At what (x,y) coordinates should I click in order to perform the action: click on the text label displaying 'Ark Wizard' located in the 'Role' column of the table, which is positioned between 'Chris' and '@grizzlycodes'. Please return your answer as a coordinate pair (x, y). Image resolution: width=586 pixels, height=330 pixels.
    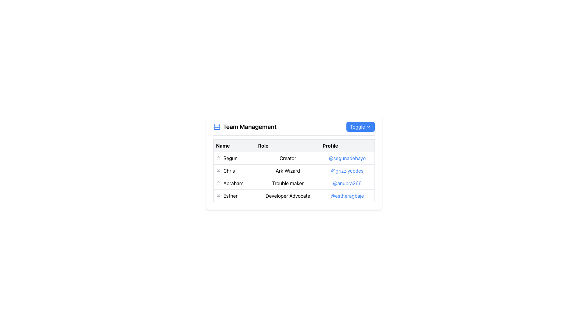
    Looking at the image, I should click on (288, 171).